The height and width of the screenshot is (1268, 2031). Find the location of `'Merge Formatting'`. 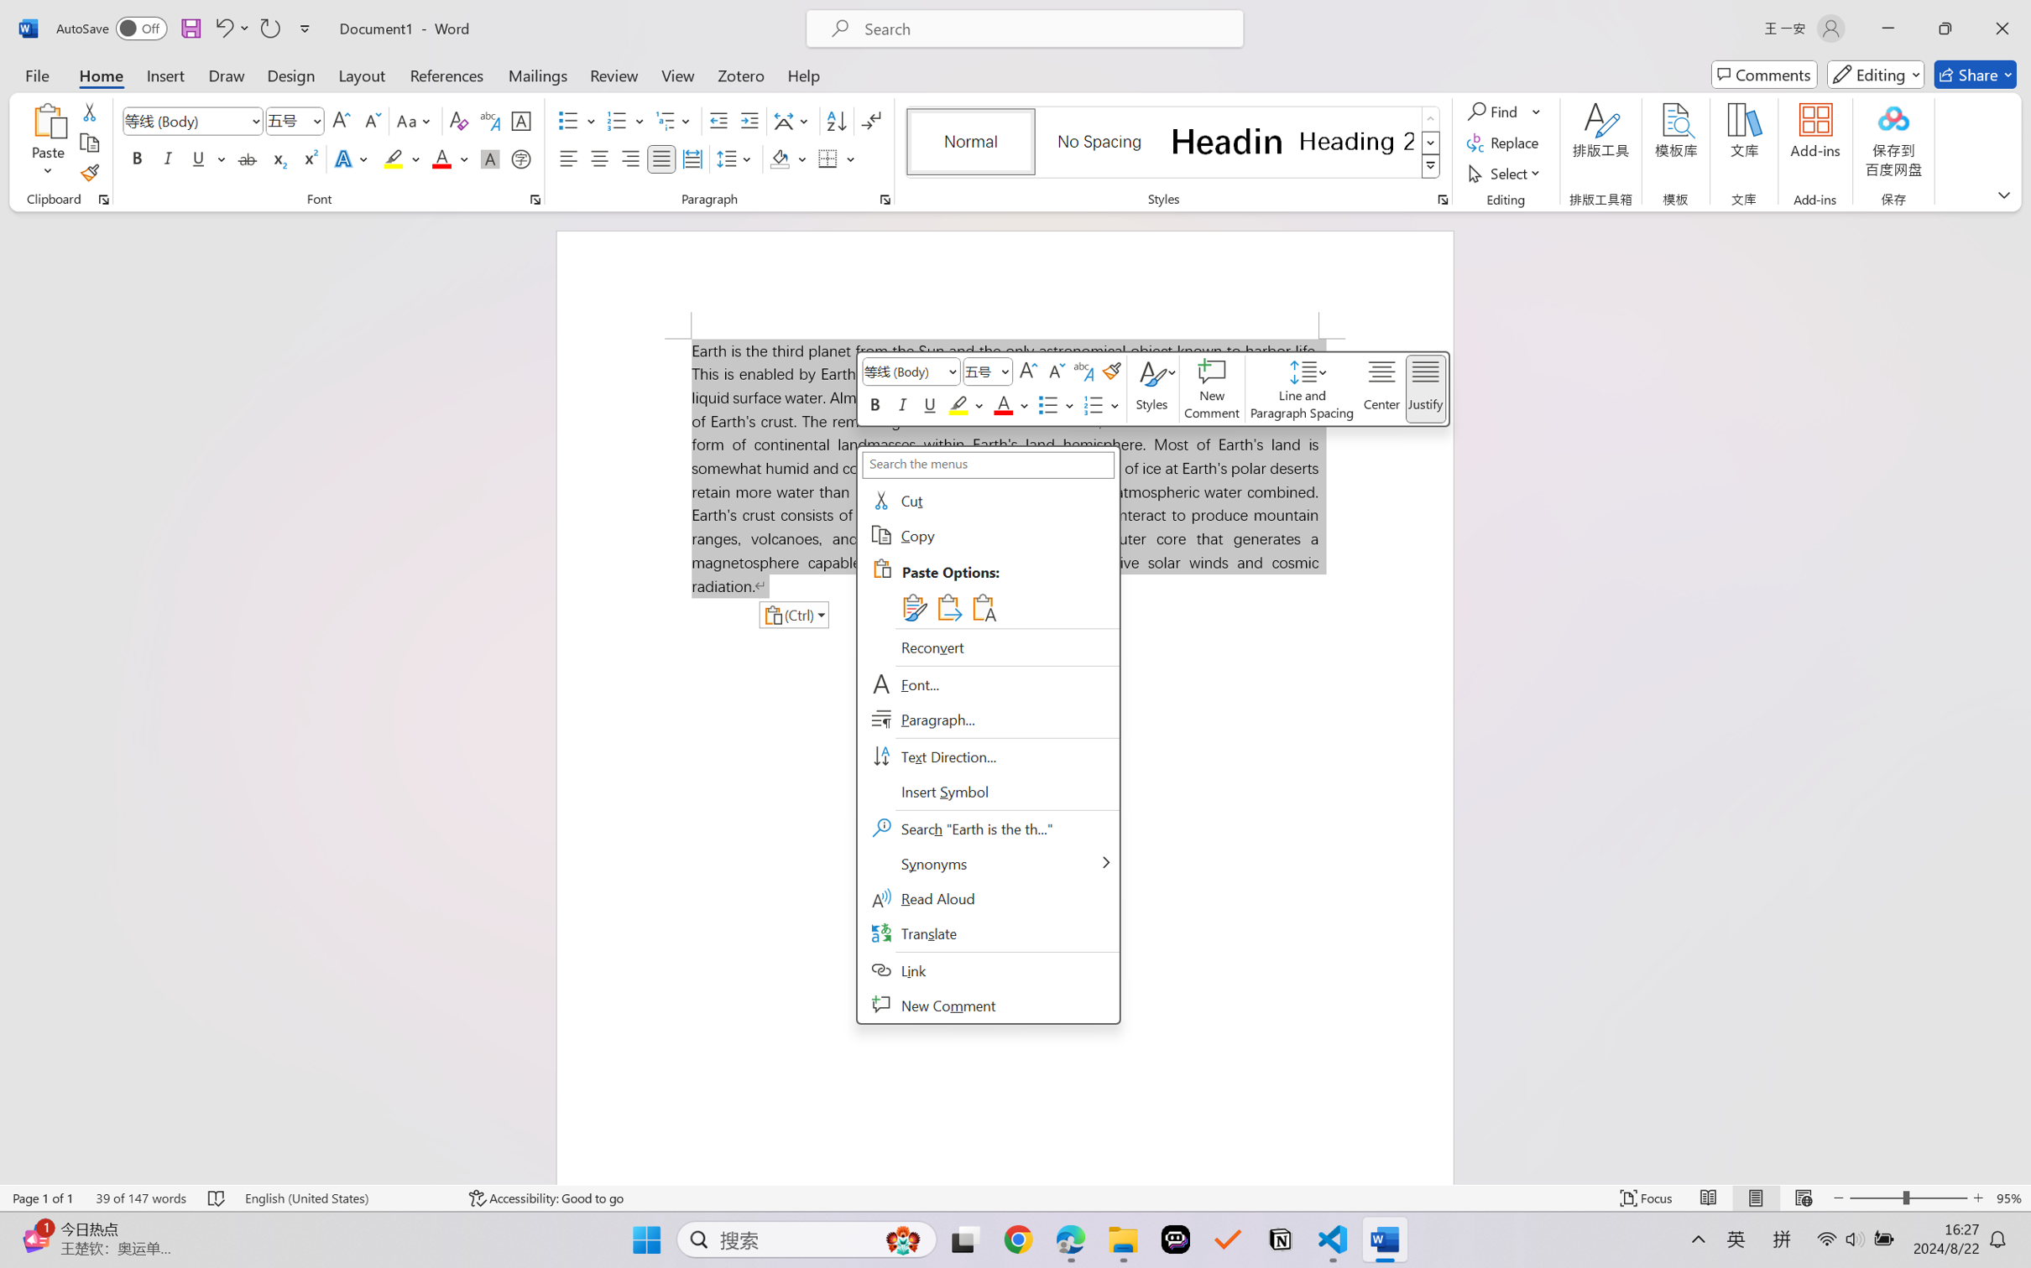

'Merge Formatting' is located at coordinates (947, 605).